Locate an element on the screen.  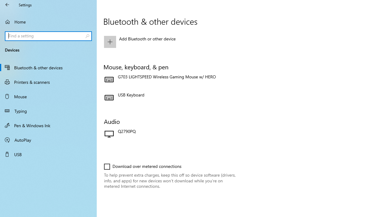
'USB' is located at coordinates (48, 154).